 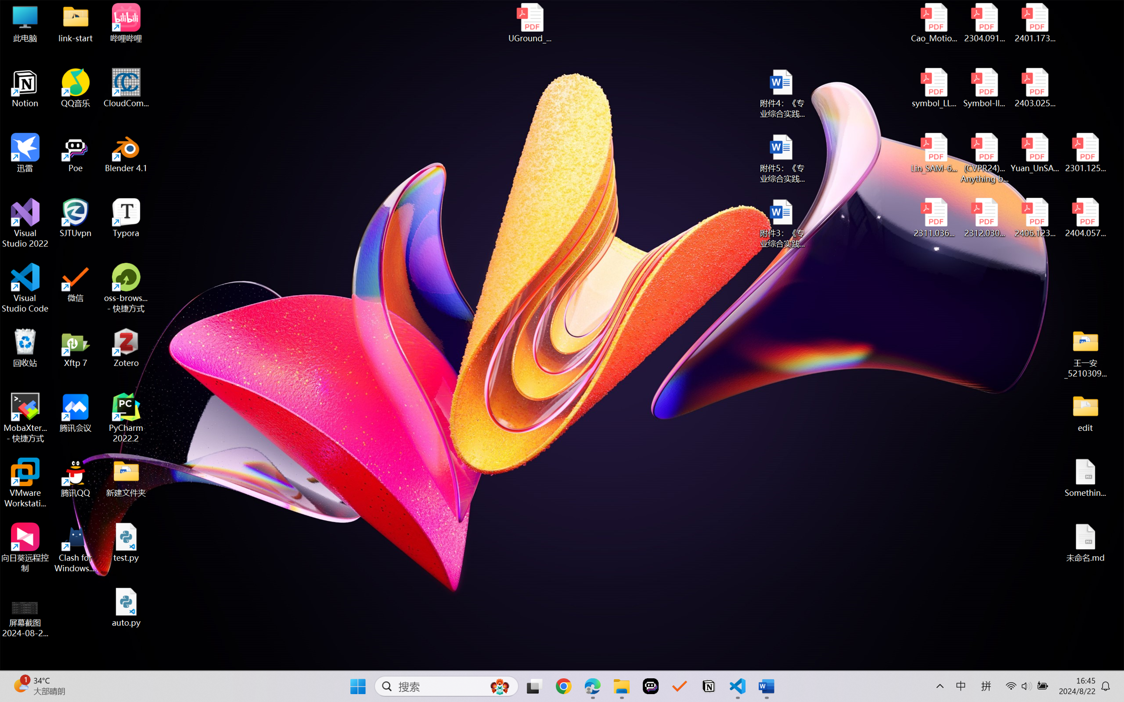 I want to click on 'PyCharm 2022.2', so click(x=126, y=418).